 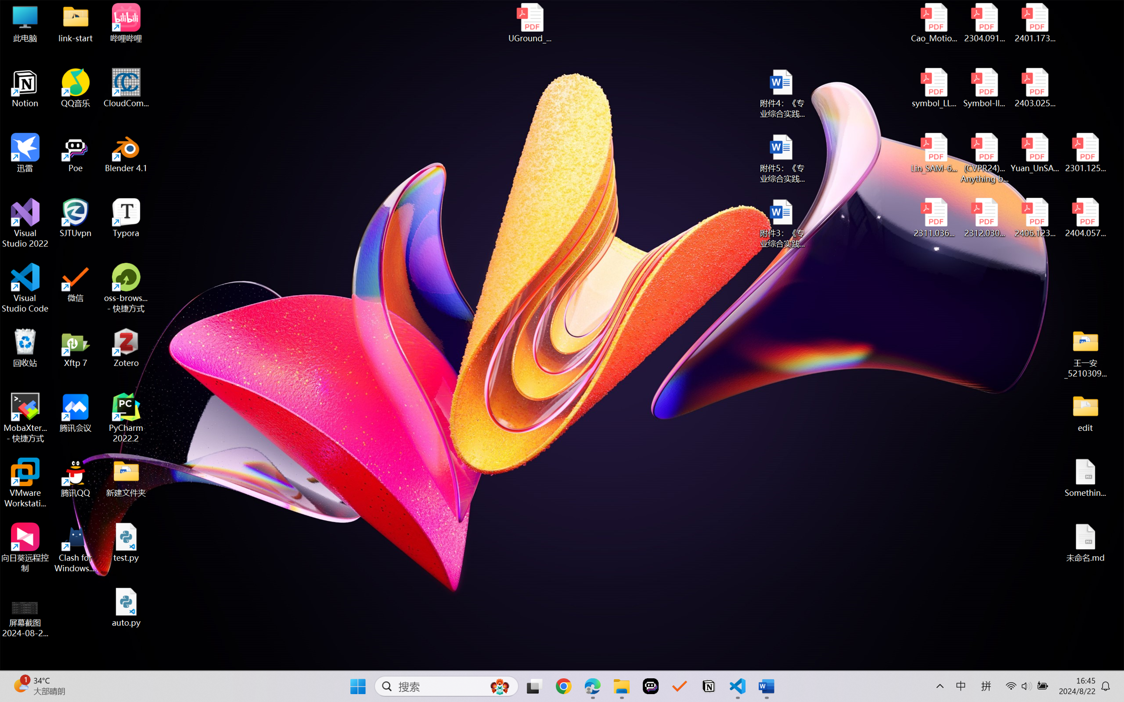 I want to click on 'PyCharm 2022.2', so click(x=126, y=418).